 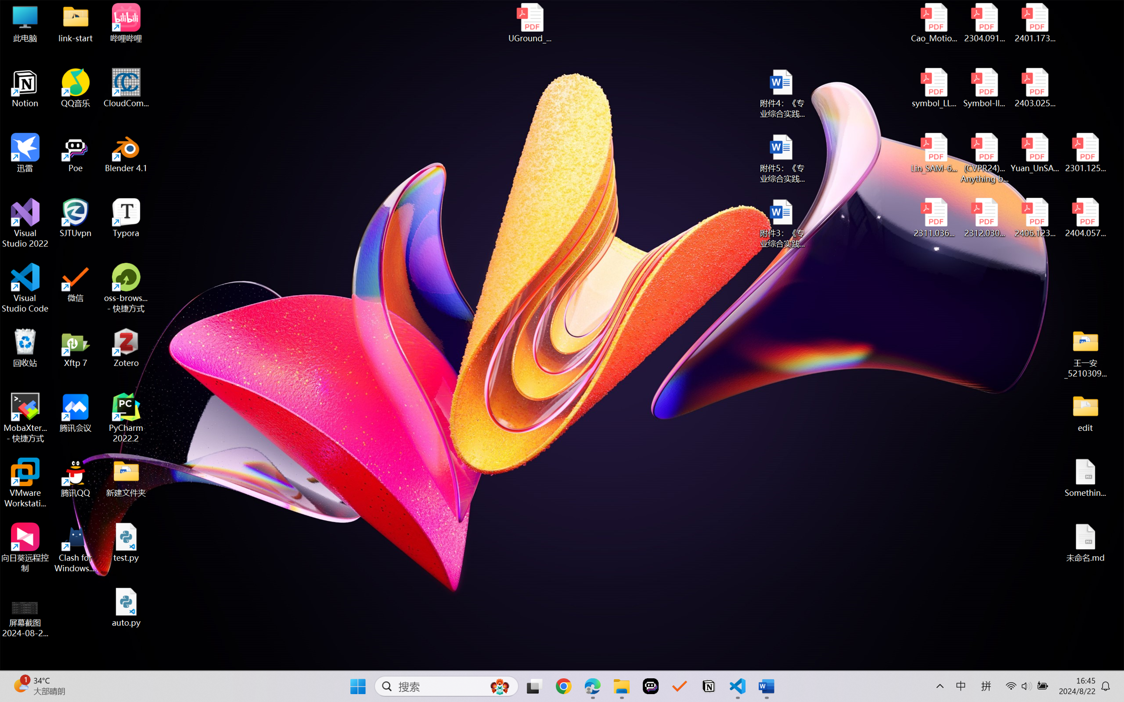 I want to click on 'PyCharm 2022.2', so click(x=126, y=418).